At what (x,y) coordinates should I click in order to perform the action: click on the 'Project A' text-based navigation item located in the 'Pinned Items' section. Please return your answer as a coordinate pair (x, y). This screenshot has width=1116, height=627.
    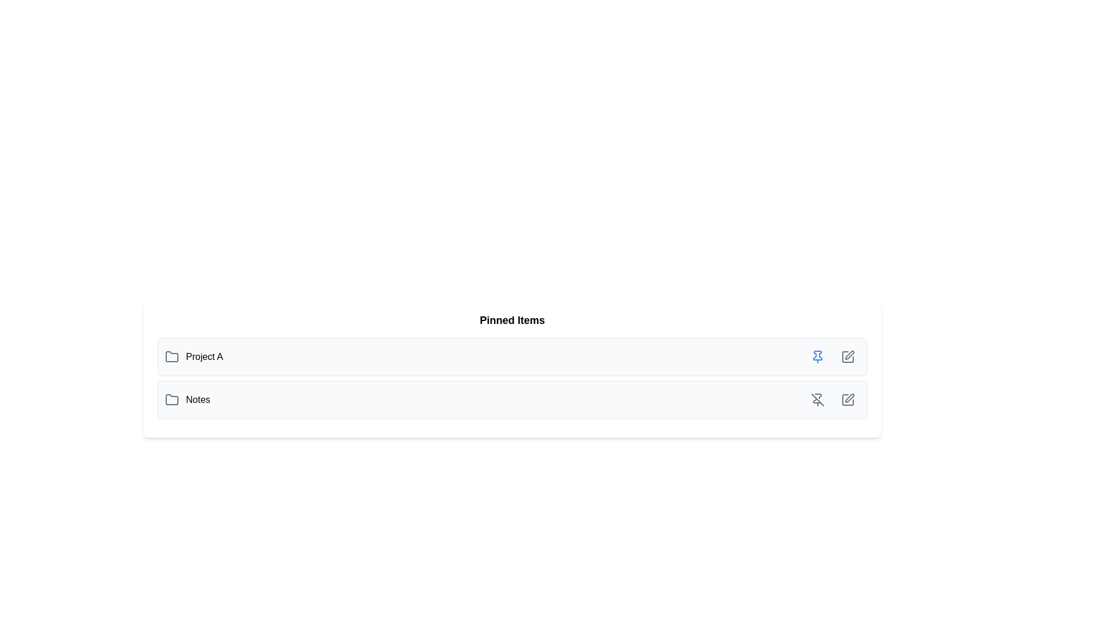
    Looking at the image, I should click on (204, 356).